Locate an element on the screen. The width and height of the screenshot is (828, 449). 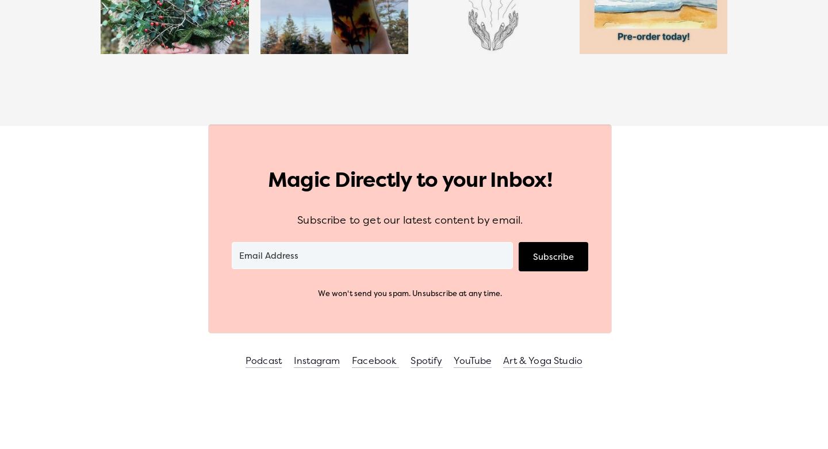
'Podcast' is located at coordinates (244, 360).